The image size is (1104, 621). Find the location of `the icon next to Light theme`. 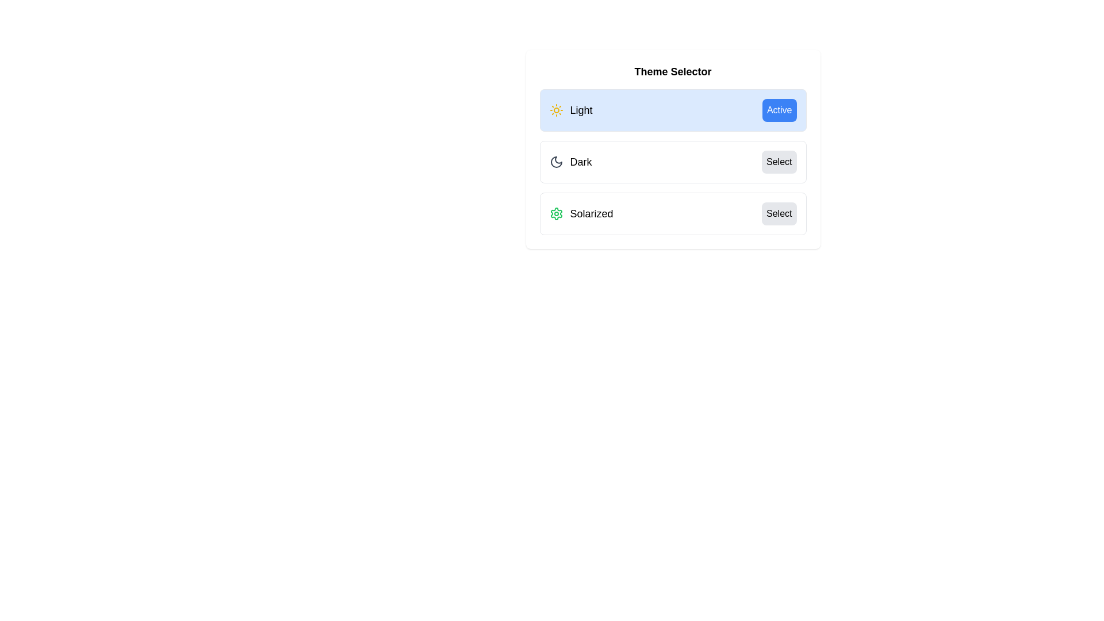

the icon next to Light theme is located at coordinates (556, 110).